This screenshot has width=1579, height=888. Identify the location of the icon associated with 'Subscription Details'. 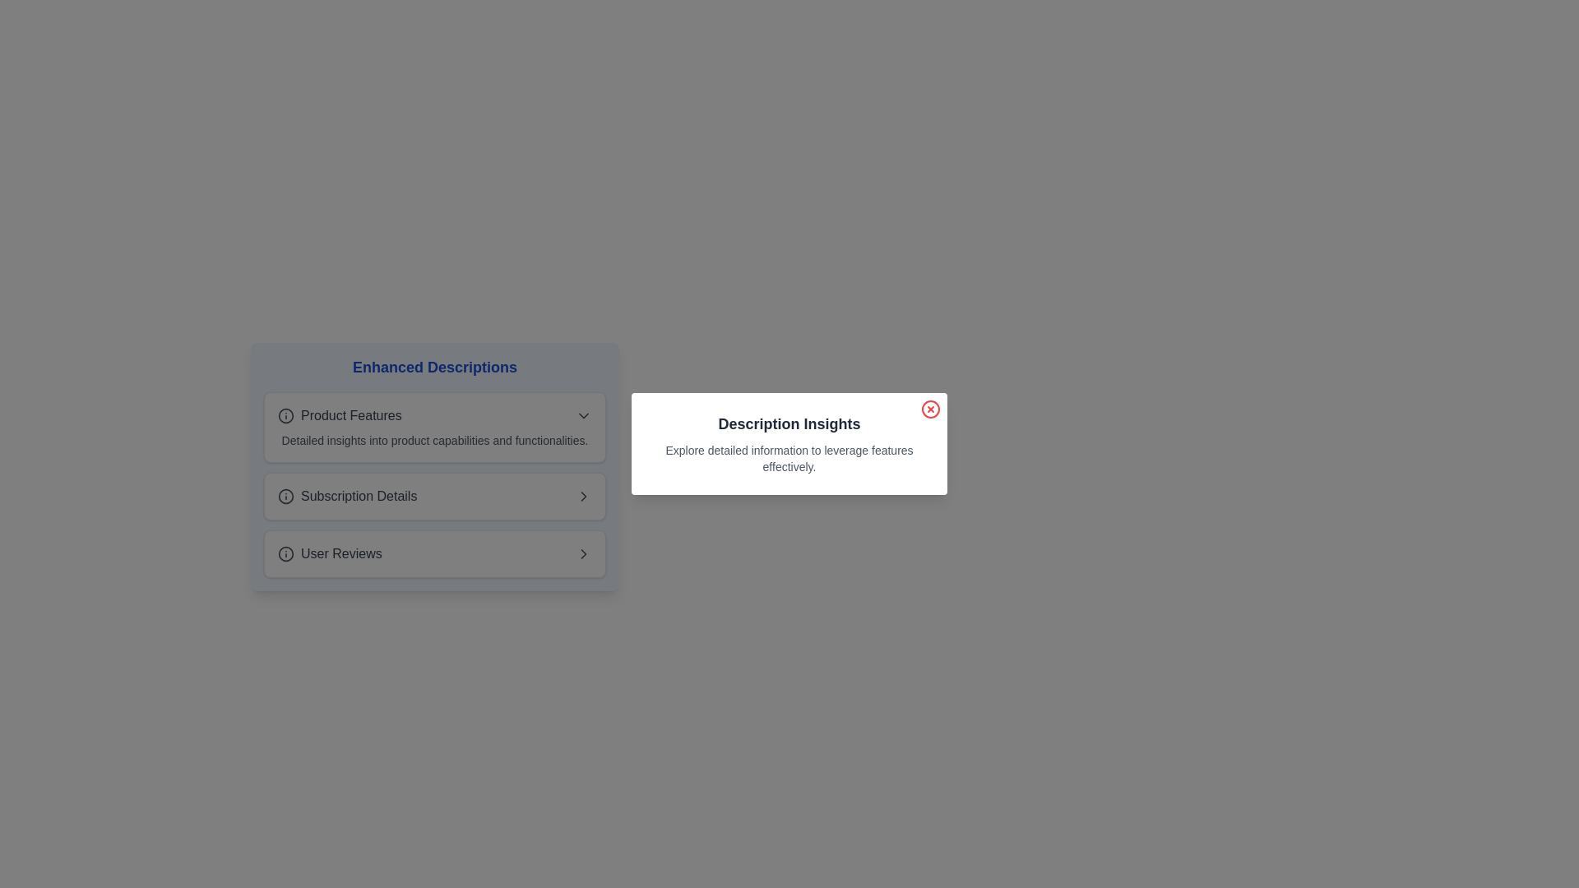
(285, 496).